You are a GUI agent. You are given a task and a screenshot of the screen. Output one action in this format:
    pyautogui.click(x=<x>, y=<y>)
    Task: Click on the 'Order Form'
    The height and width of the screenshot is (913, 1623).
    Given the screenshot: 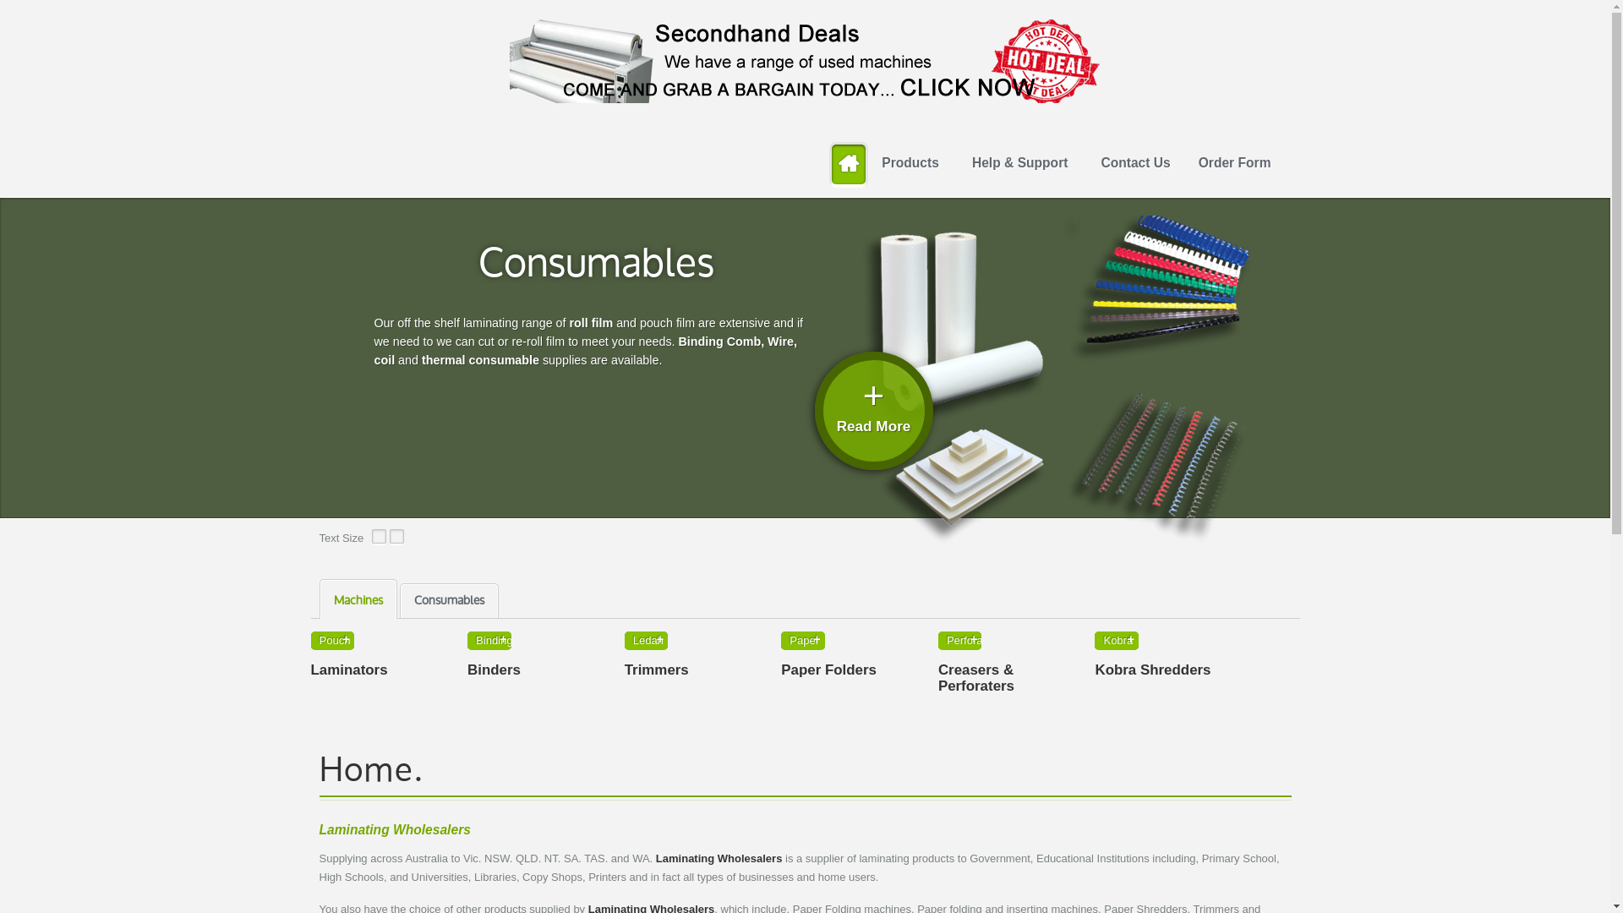 What is the action you would take?
    pyautogui.click(x=1234, y=162)
    